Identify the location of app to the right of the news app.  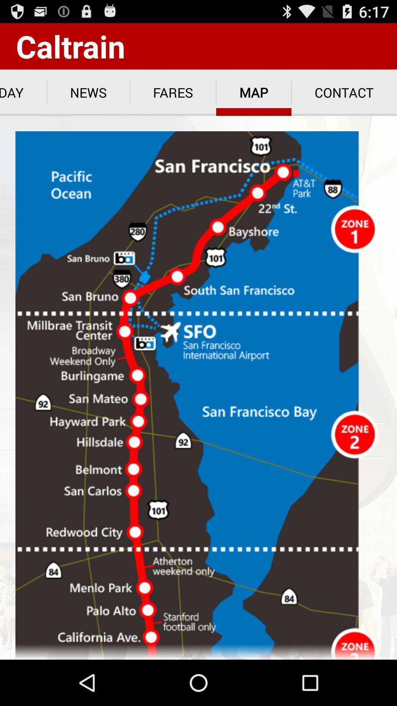
(173, 92).